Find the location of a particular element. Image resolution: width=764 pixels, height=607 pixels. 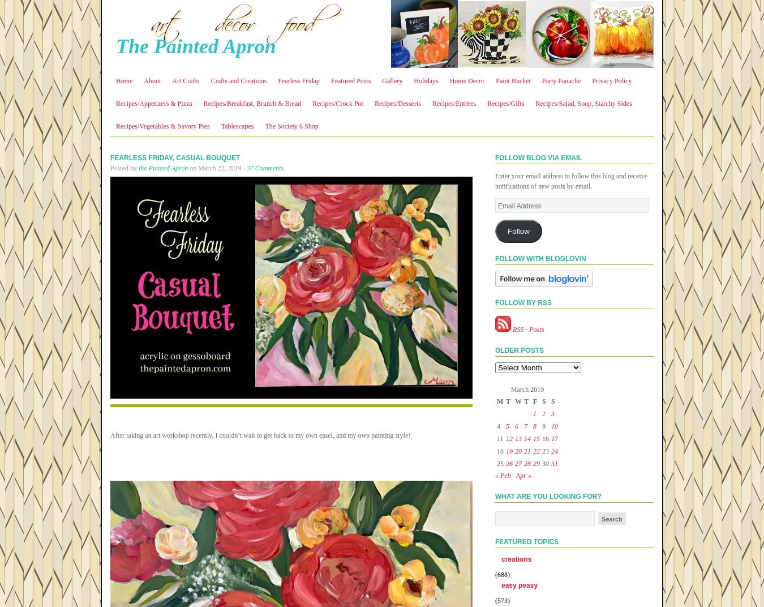

'creations' is located at coordinates (516, 558).